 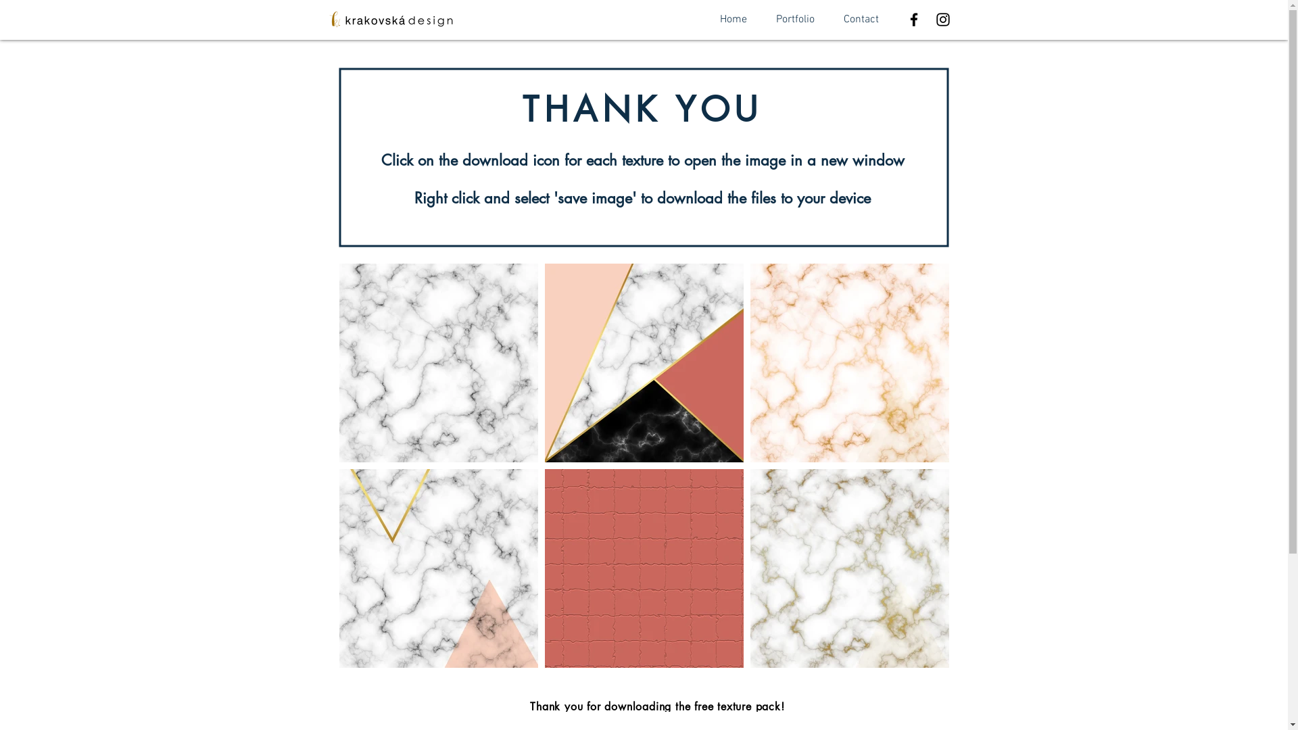 I want to click on 'Portfolio', so click(x=795, y=20).